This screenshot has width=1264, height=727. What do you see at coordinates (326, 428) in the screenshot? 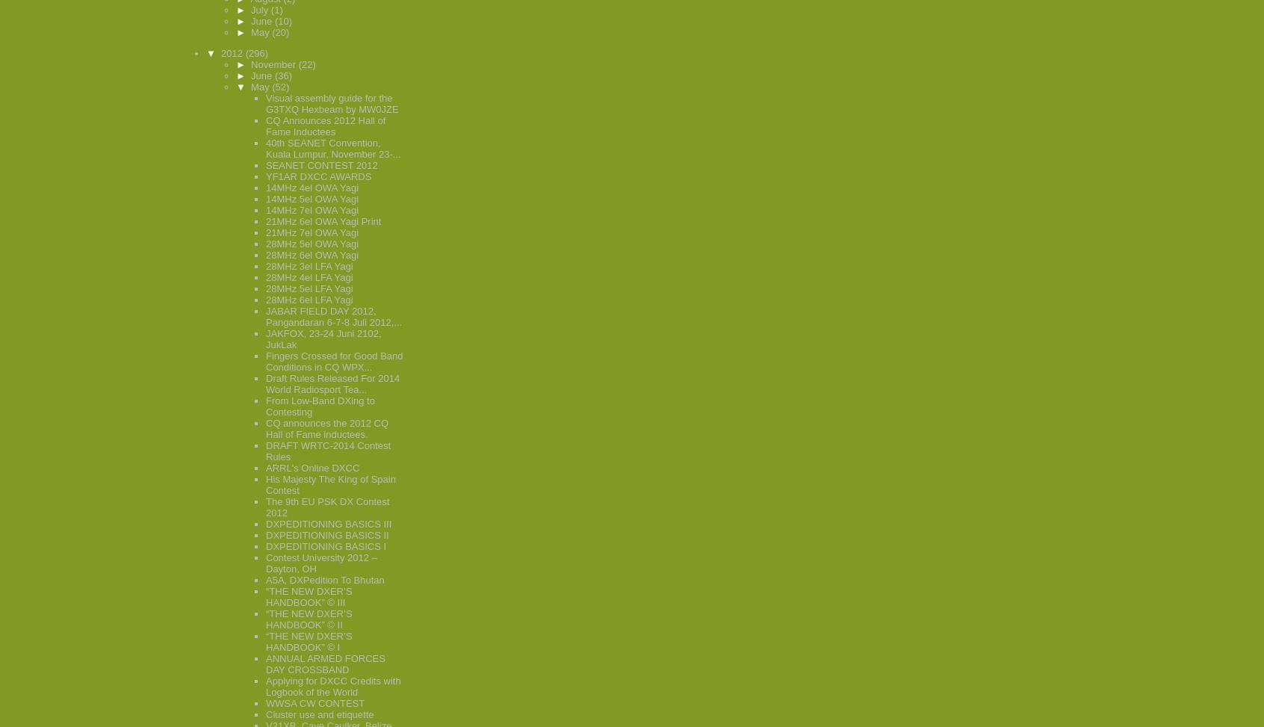
I see `'CQ announces the 2012 CQ Hall of Fame inductees.'` at bounding box center [326, 428].